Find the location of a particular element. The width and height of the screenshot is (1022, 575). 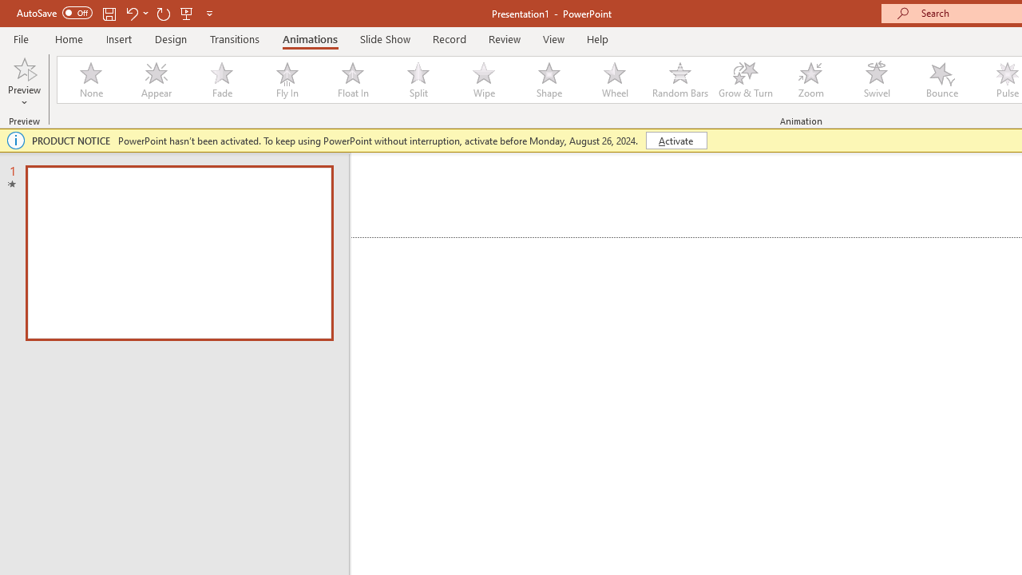

'Grow & Turn' is located at coordinates (745, 80).